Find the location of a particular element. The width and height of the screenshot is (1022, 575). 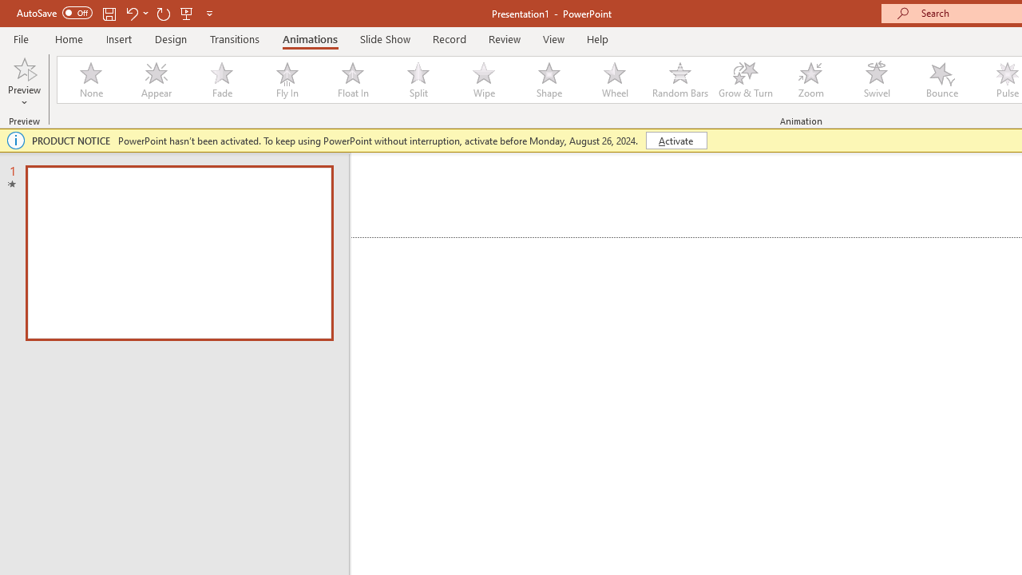

'Grow & Turn' is located at coordinates (745, 80).